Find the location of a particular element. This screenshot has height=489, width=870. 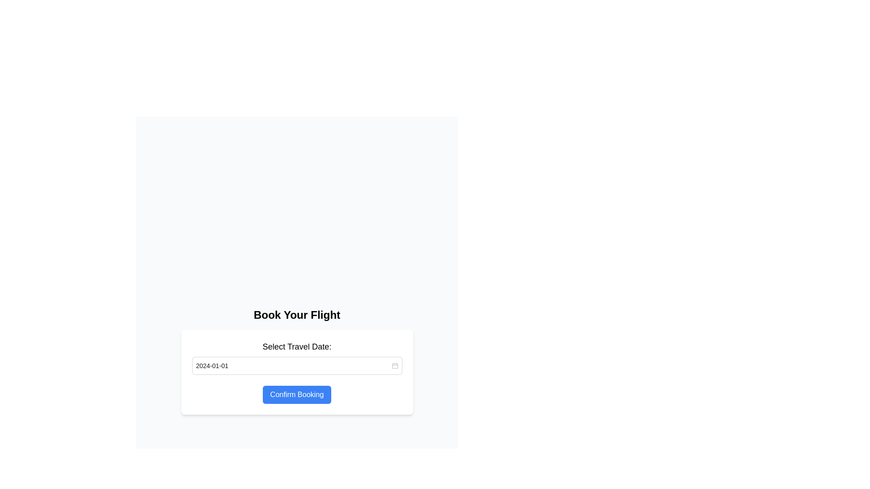

the Date Picker Input Field below 'Select Travel Date:' in the 'Book Your Flight' section is located at coordinates (297, 365).